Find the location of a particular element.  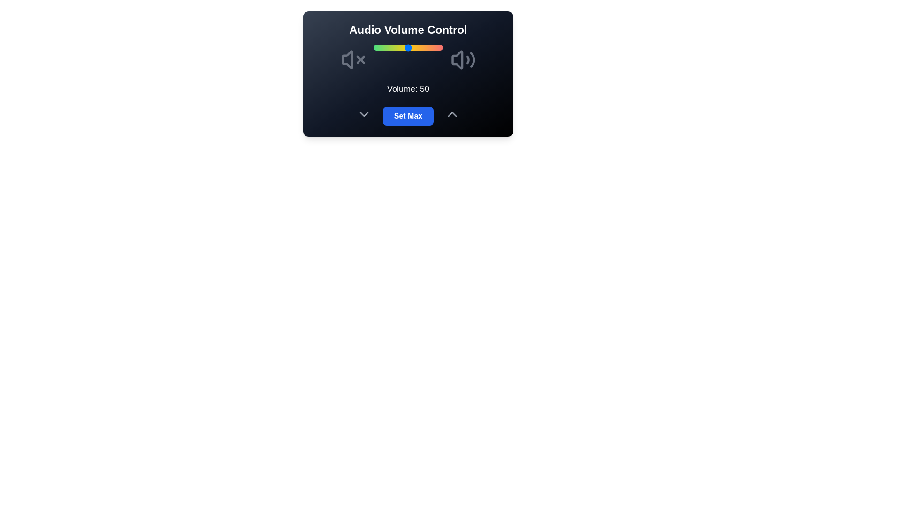

the volume slider to 20 percent is located at coordinates (387, 47).